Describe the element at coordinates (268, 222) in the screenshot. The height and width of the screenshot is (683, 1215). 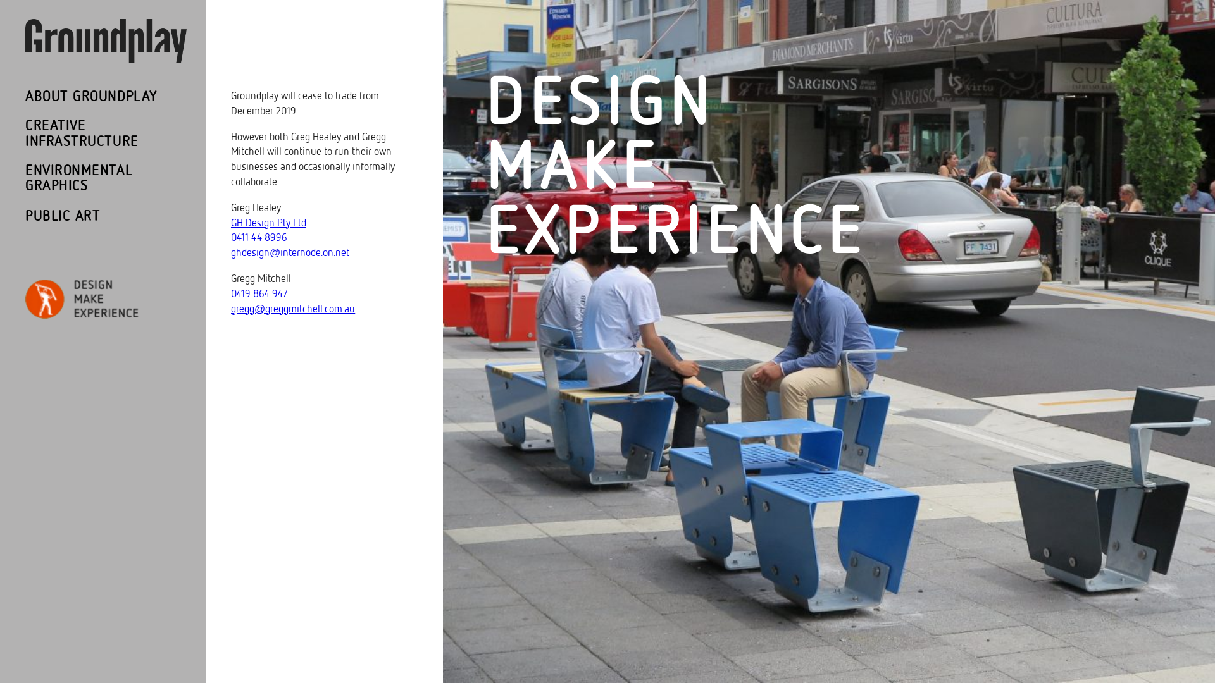
I see `'GH Design Pty Ltd'` at that location.